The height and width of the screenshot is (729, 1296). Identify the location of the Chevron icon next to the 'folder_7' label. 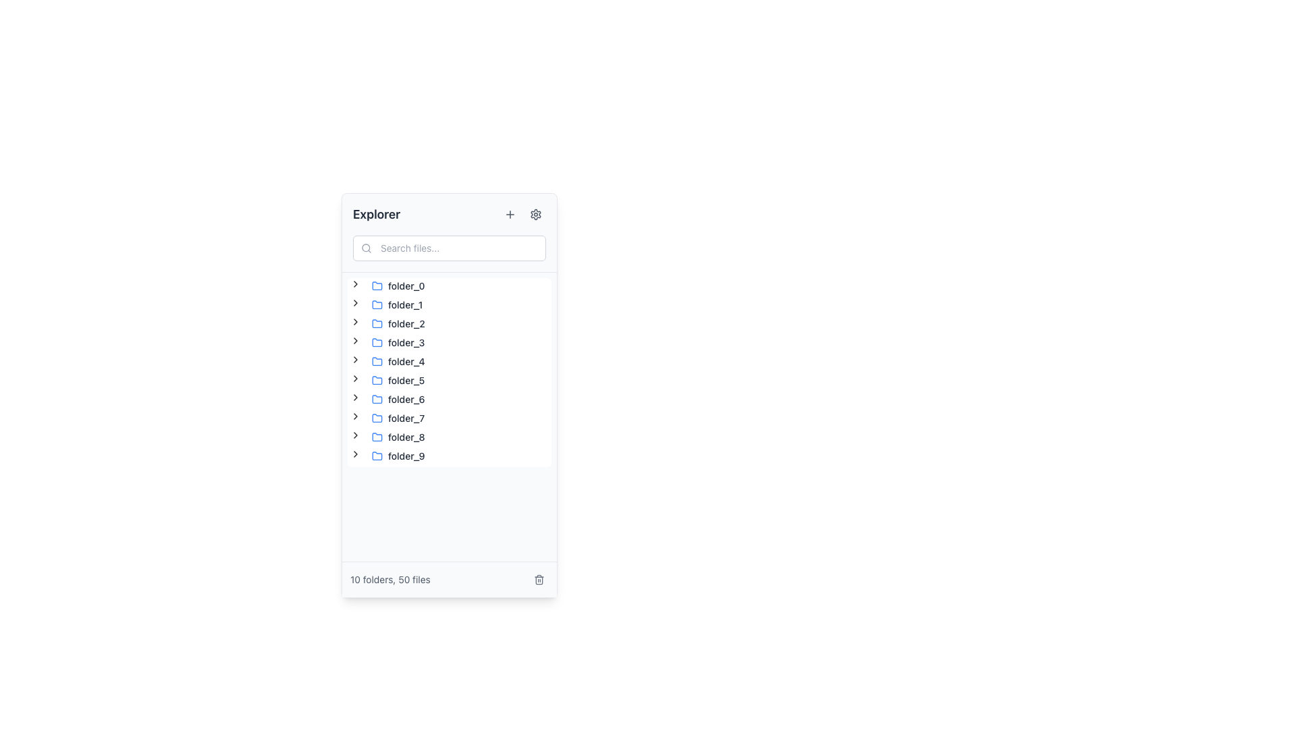
(356, 416).